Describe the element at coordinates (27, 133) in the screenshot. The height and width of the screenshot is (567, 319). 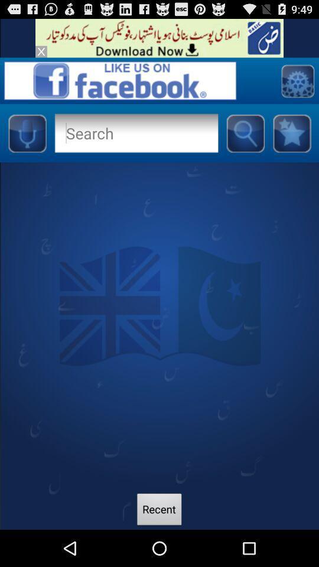
I see `microphone` at that location.